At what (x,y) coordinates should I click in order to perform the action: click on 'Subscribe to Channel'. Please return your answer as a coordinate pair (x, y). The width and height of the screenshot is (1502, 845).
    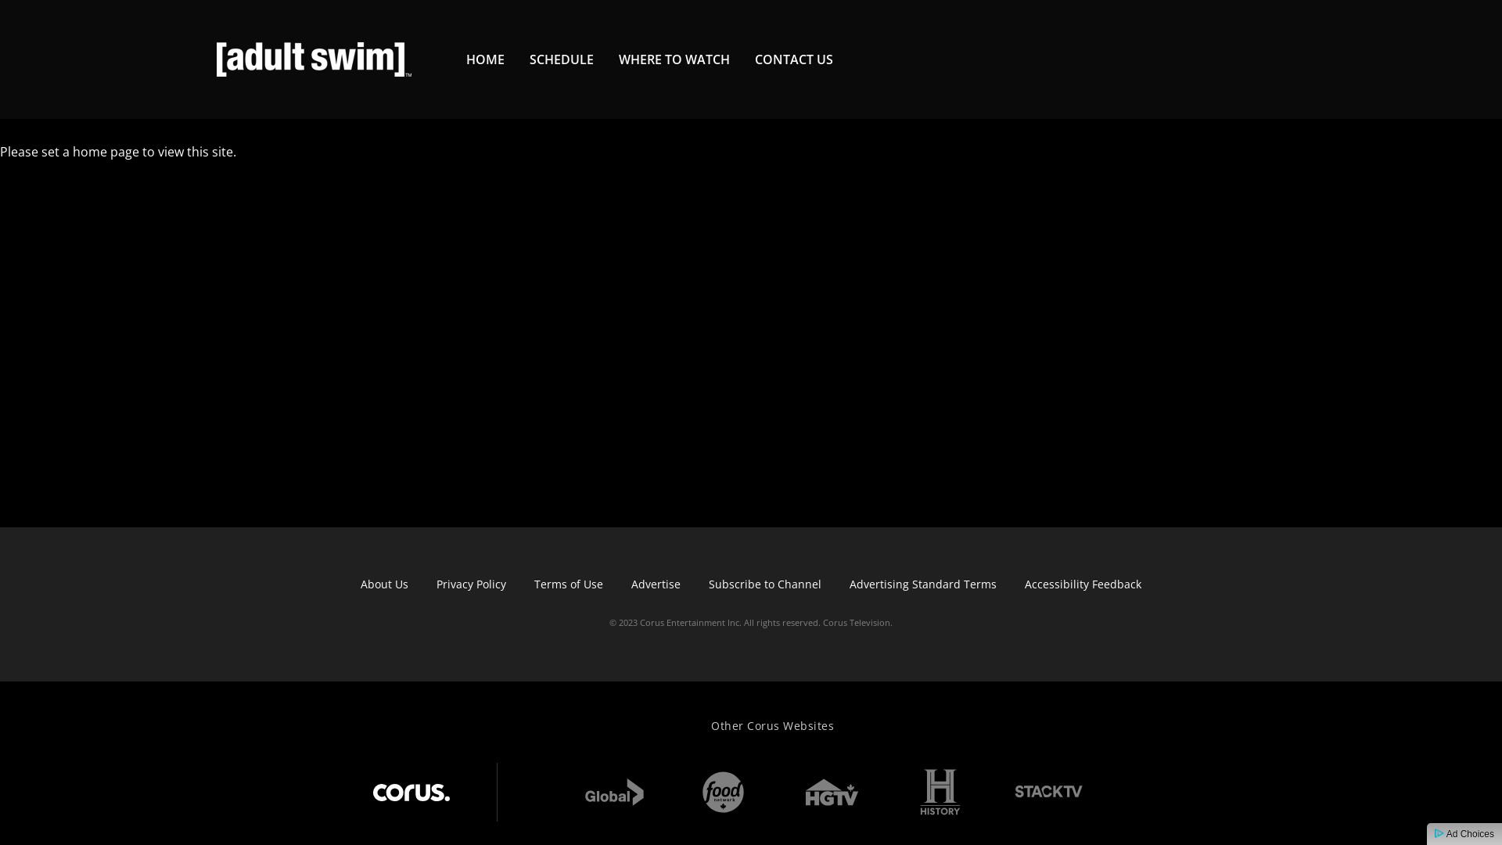
    Looking at the image, I should click on (765, 583).